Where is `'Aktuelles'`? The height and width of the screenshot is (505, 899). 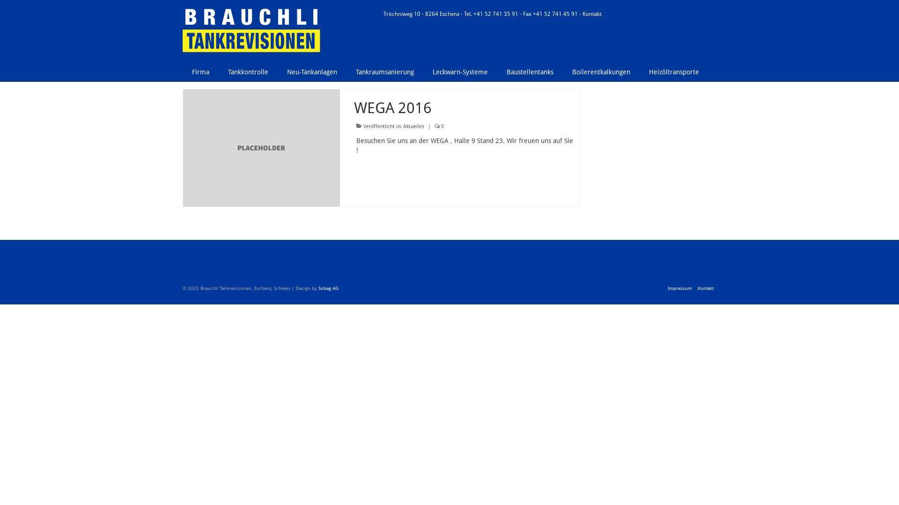
'Aktuelles' is located at coordinates (403, 126).